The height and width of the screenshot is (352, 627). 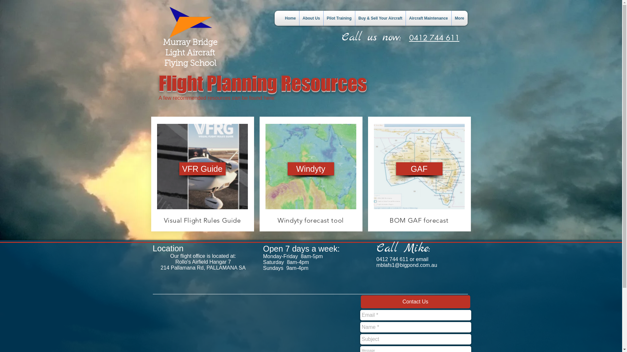 What do you see at coordinates (290, 18) in the screenshot?
I see `'Home'` at bounding box center [290, 18].